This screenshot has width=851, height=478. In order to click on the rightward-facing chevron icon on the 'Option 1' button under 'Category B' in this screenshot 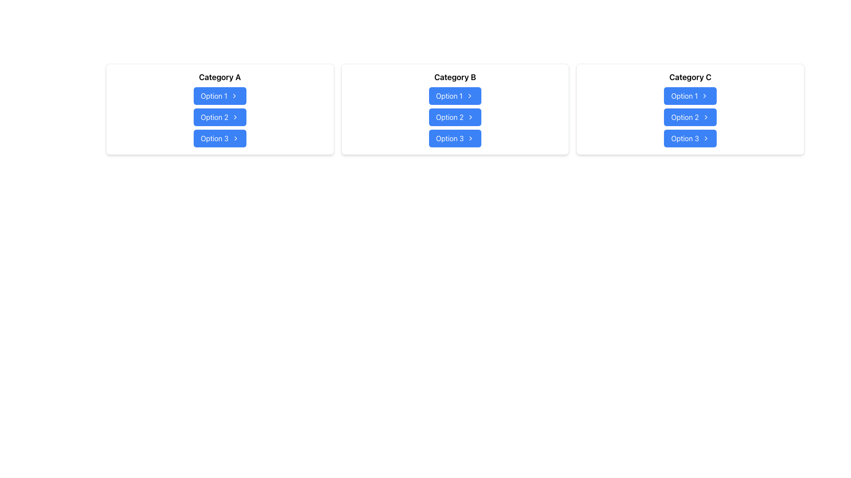, I will do `click(469, 96)`.